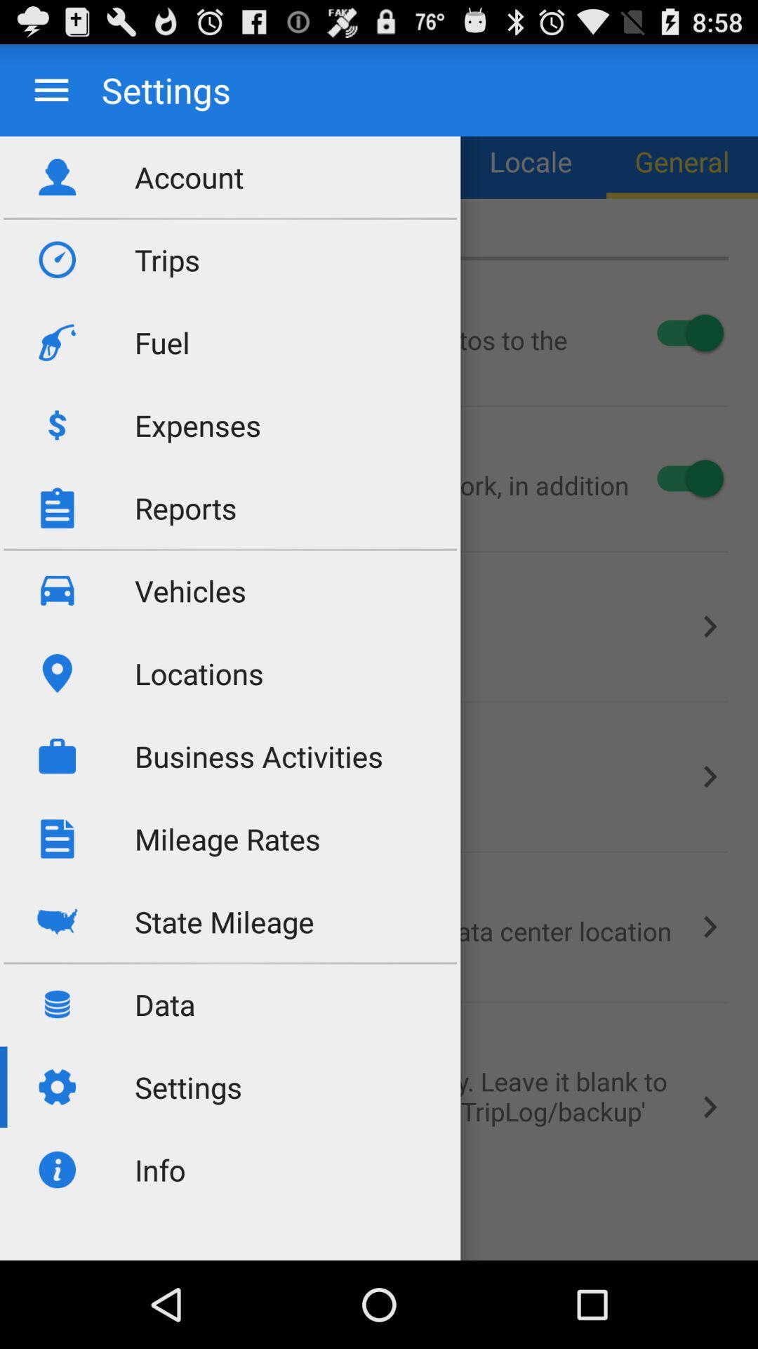  What do you see at coordinates (51, 96) in the screenshot?
I see `the menu icon` at bounding box center [51, 96].